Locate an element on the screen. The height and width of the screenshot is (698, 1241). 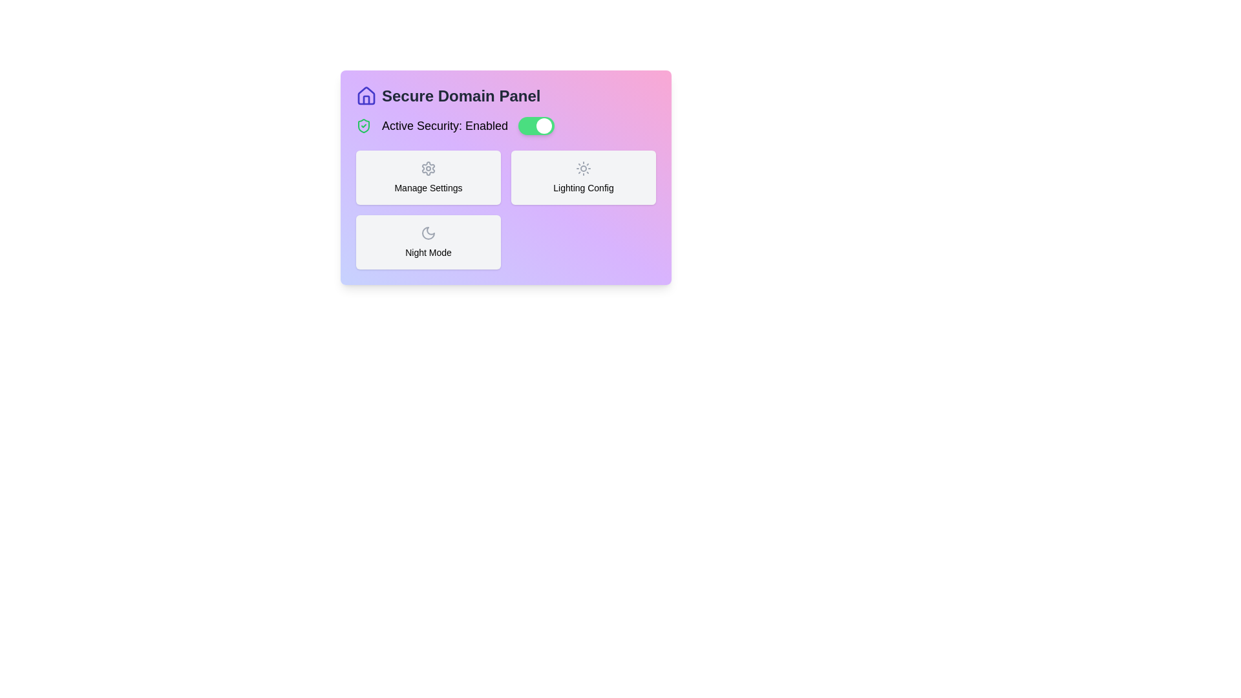
the central icon representing the lighting configuration feature within the 'Lighting Config' button, located in the top-right corner of the card is located at coordinates (582, 168).